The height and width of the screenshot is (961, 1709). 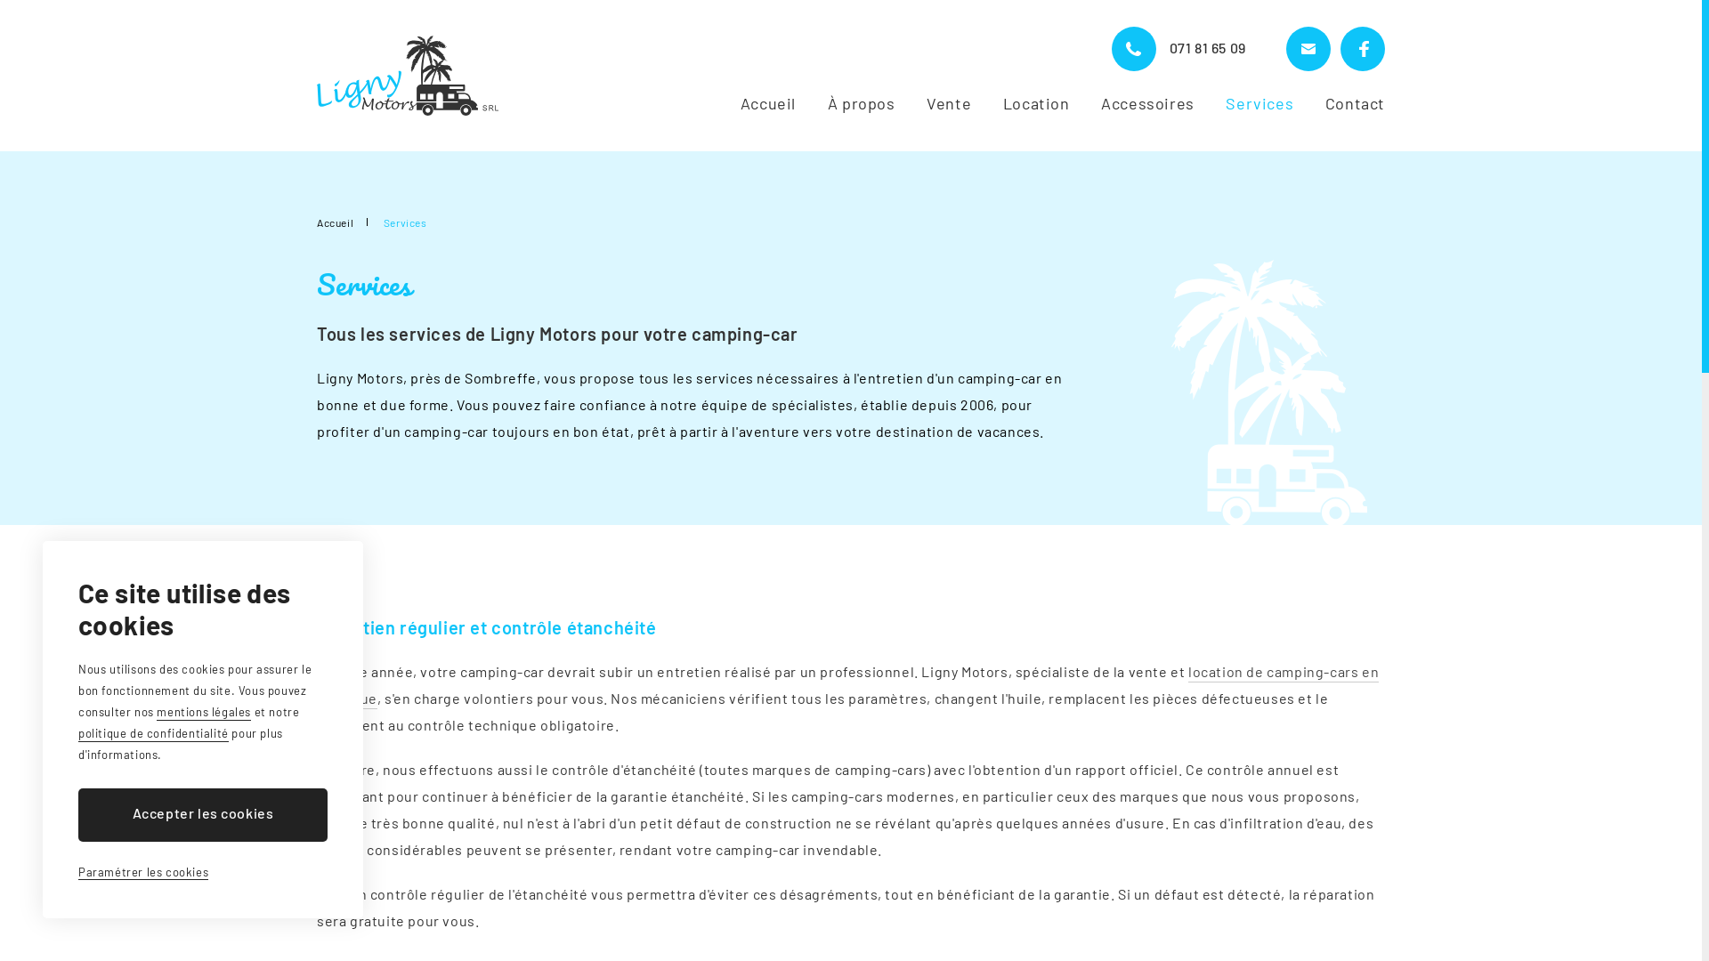 What do you see at coordinates (1036, 104) in the screenshot?
I see `'Location'` at bounding box center [1036, 104].